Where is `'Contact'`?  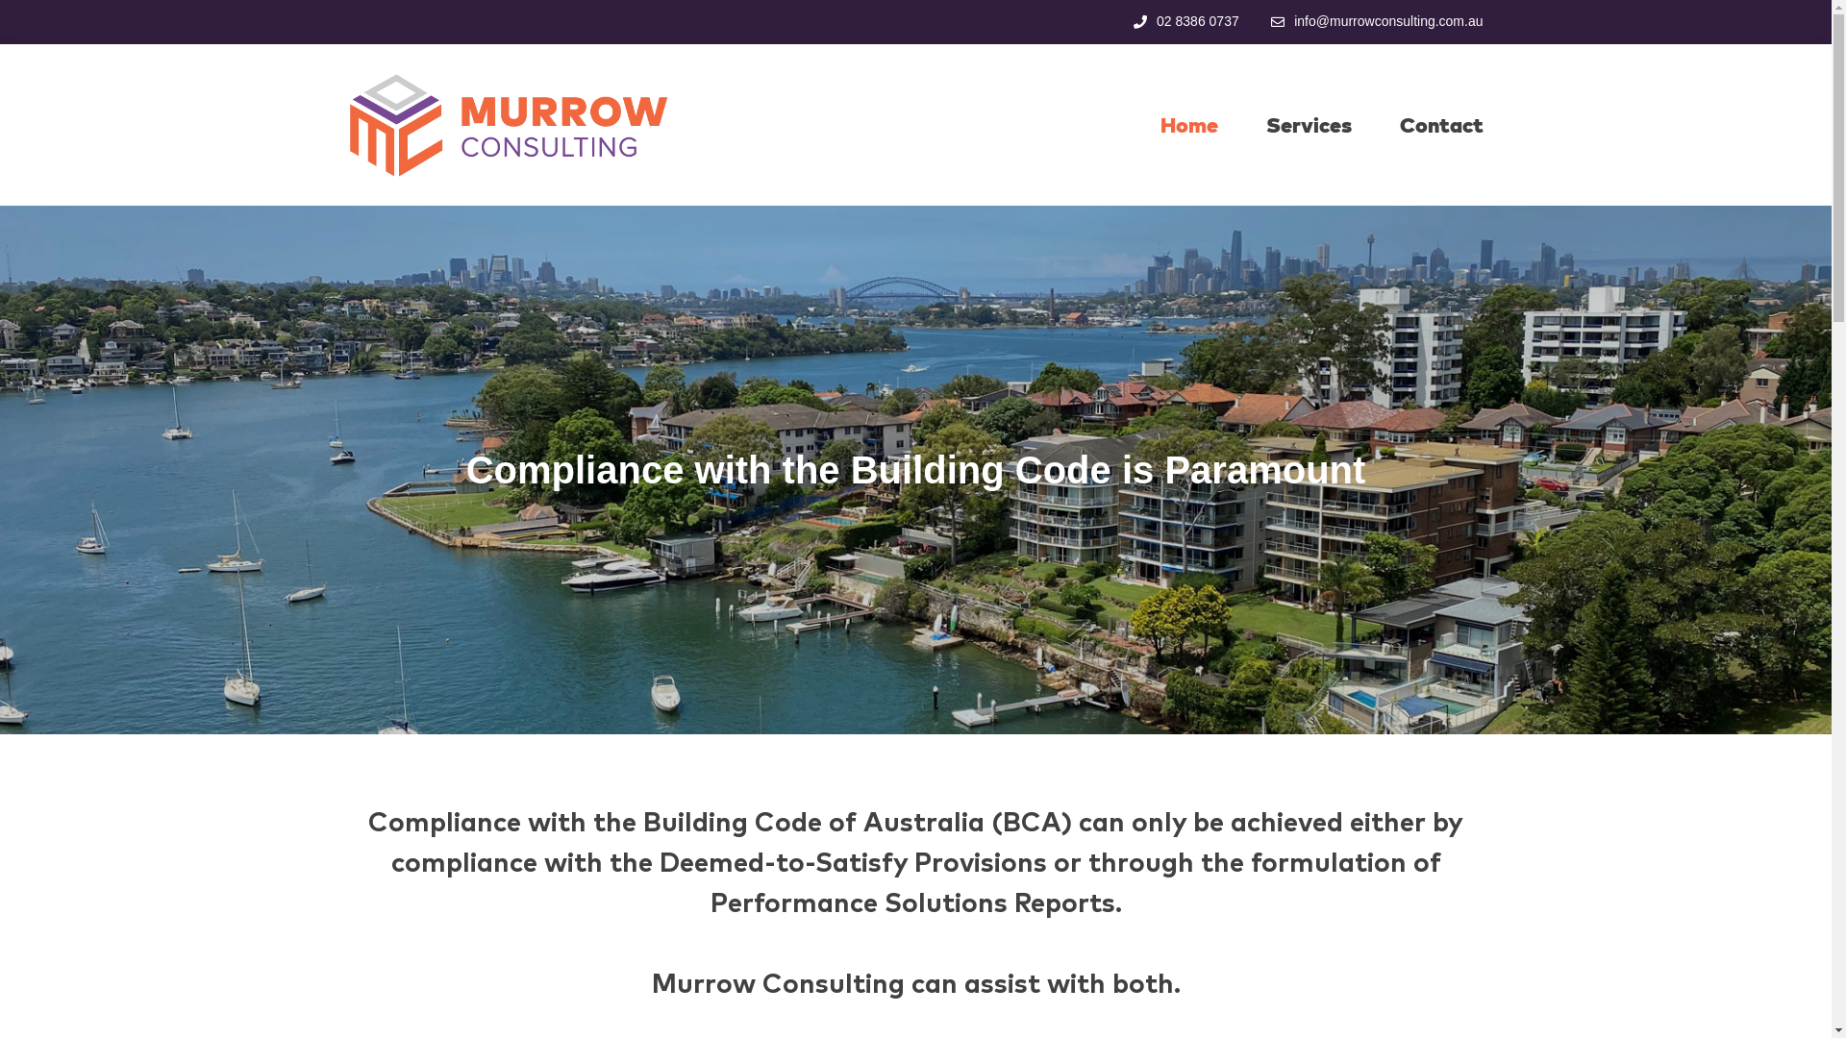 'Contact' is located at coordinates (1441, 125).